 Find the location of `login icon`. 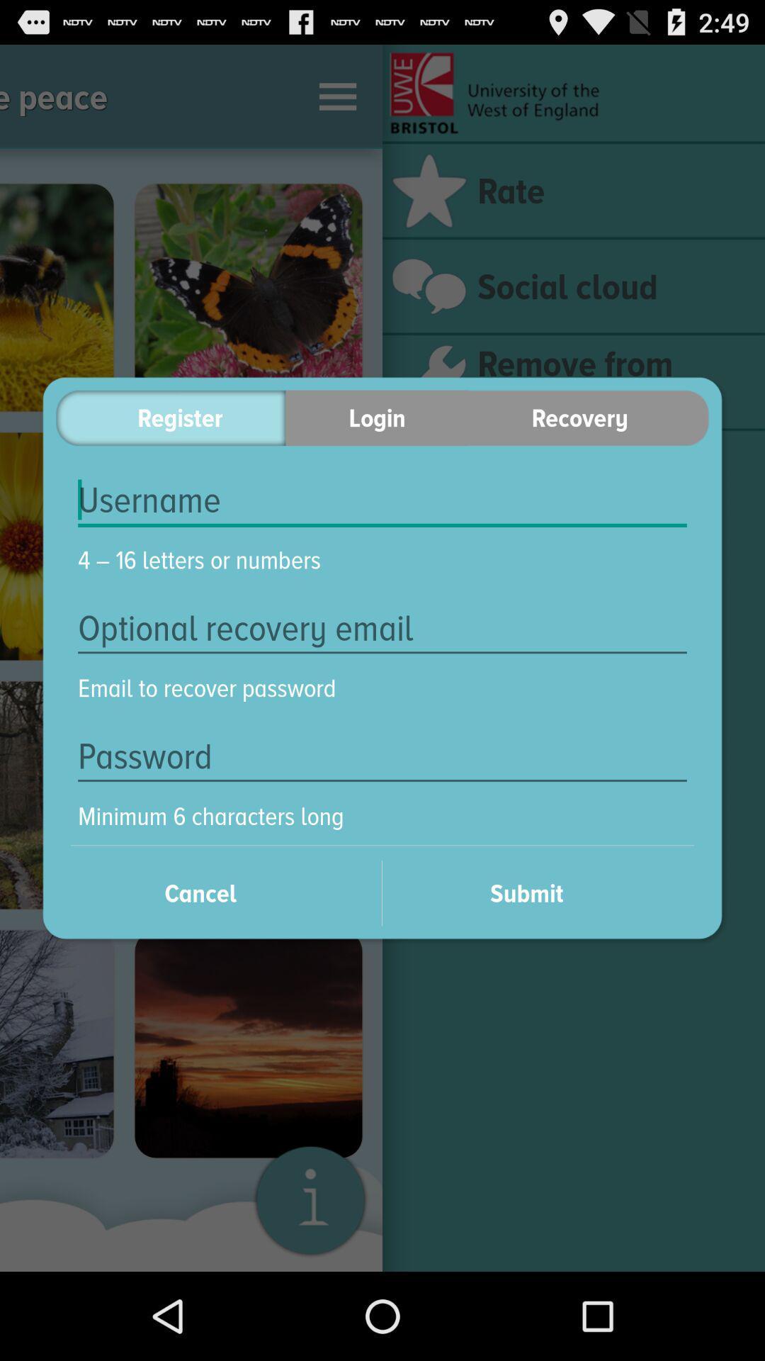

login icon is located at coordinates (376, 417).